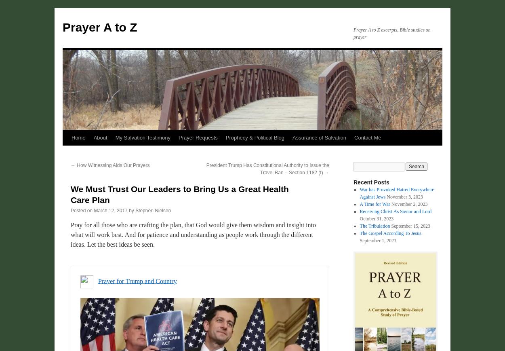 Image resolution: width=505 pixels, height=351 pixels. What do you see at coordinates (137, 281) in the screenshot?
I see `'Prayer for Trump and Country'` at bounding box center [137, 281].